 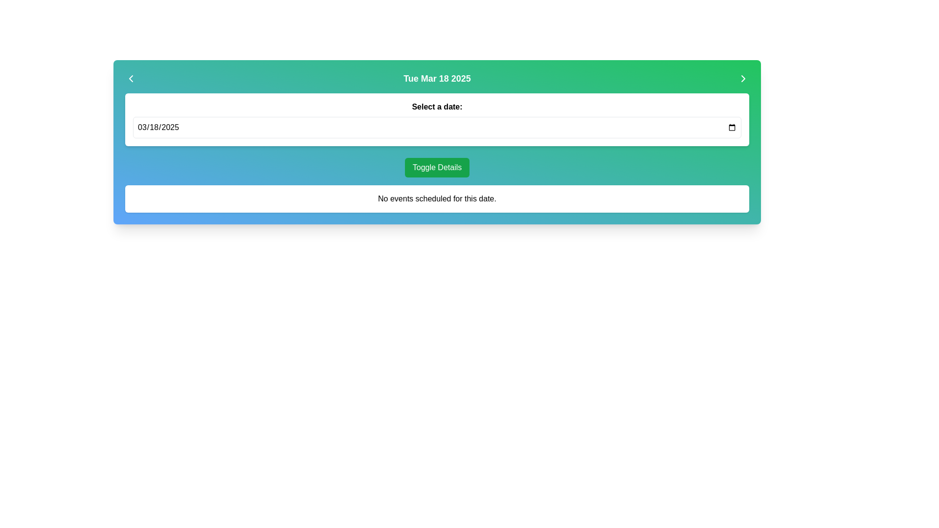 What do you see at coordinates (743, 78) in the screenshot?
I see `the right-pointing arrow icon button located in the top-right corner of the green header bar next to the date display 'Tue Mar 18 2025'` at bounding box center [743, 78].